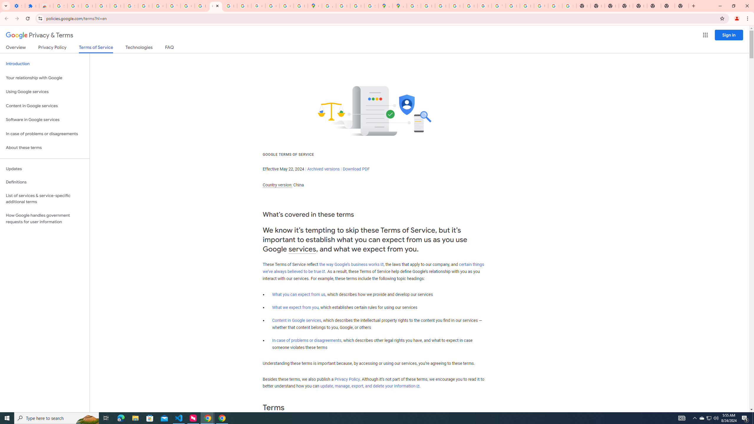 This screenshot has height=424, width=754. What do you see at coordinates (370, 386) in the screenshot?
I see `'update, manage, export, and delete your information'` at bounding box center [370, 386].